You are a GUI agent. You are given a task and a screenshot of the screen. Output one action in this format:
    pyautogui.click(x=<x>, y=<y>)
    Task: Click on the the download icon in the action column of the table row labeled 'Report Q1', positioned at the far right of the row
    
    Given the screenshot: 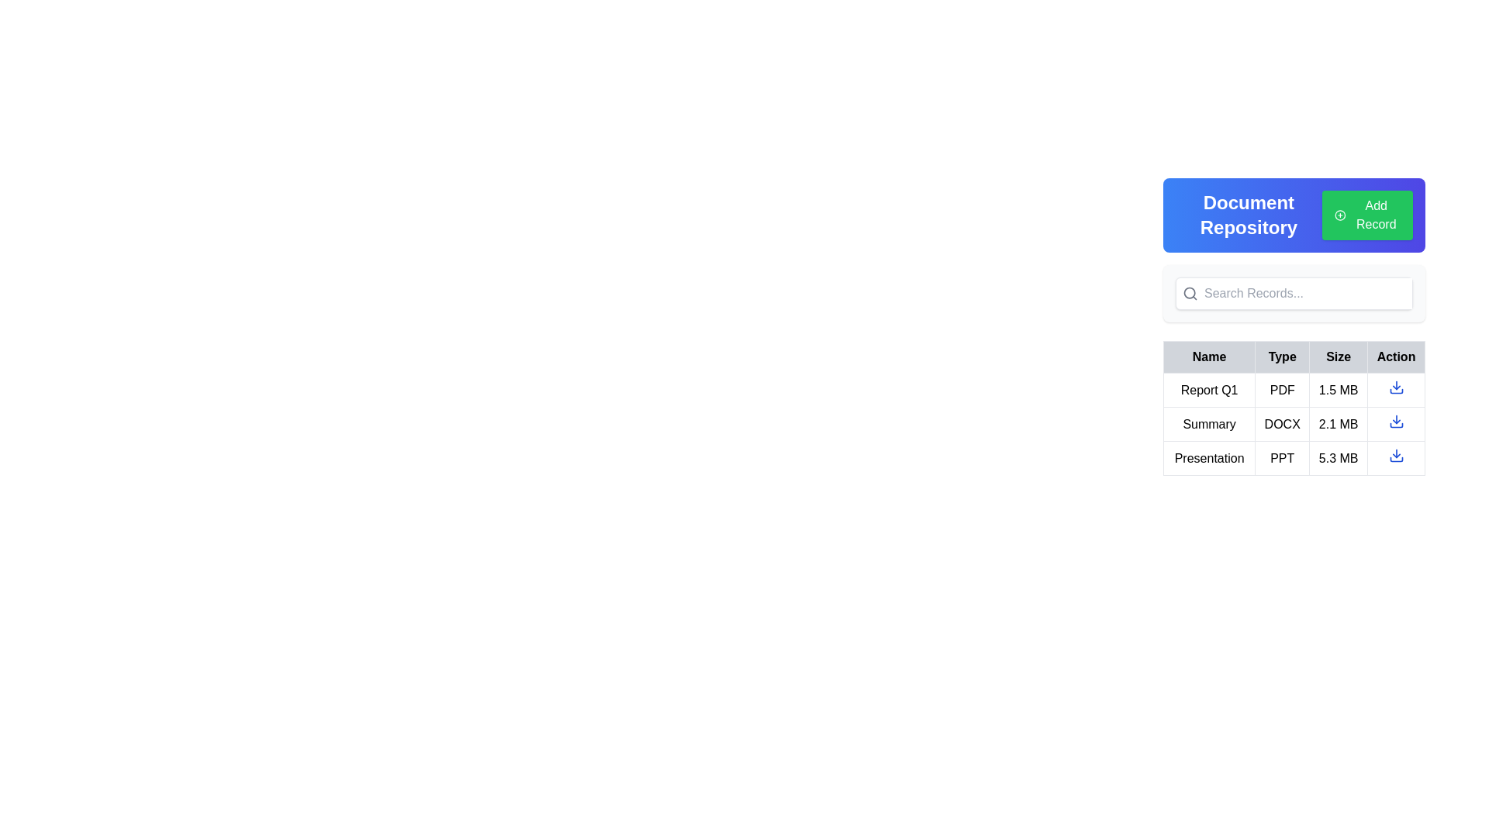 What is the action you would take?
    pyautogui.click(x=1396, y=391)
    